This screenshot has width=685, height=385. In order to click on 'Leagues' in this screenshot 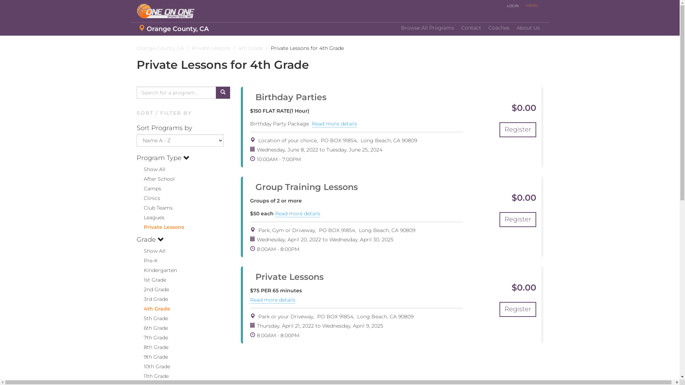, I will do `click(150, 217)`.